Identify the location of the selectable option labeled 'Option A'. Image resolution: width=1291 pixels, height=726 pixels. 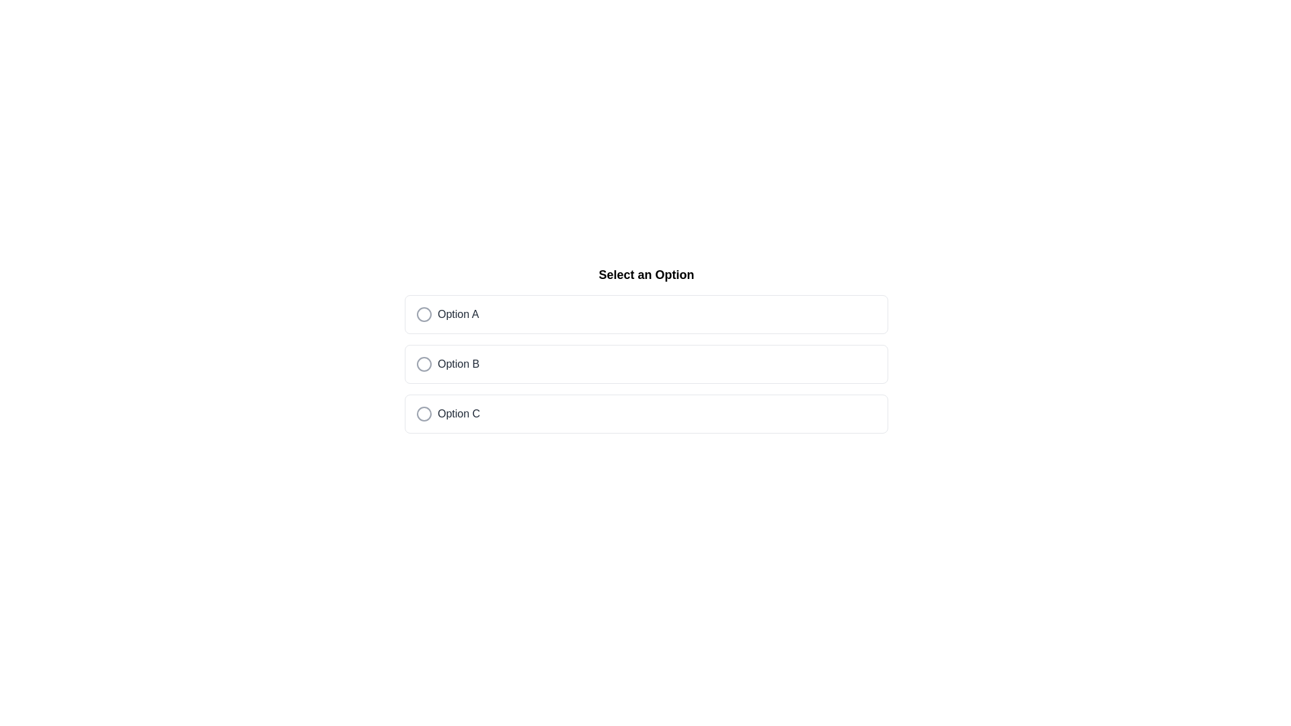
(646, 314).